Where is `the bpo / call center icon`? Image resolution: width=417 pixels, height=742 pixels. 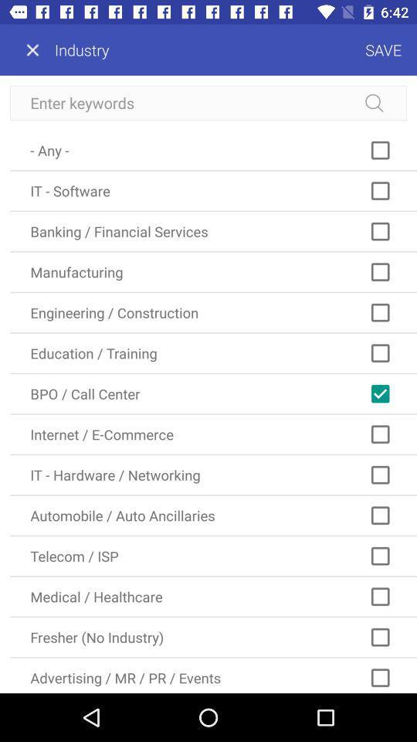 the bpo / call center icon is located at coordinates (212, 393).